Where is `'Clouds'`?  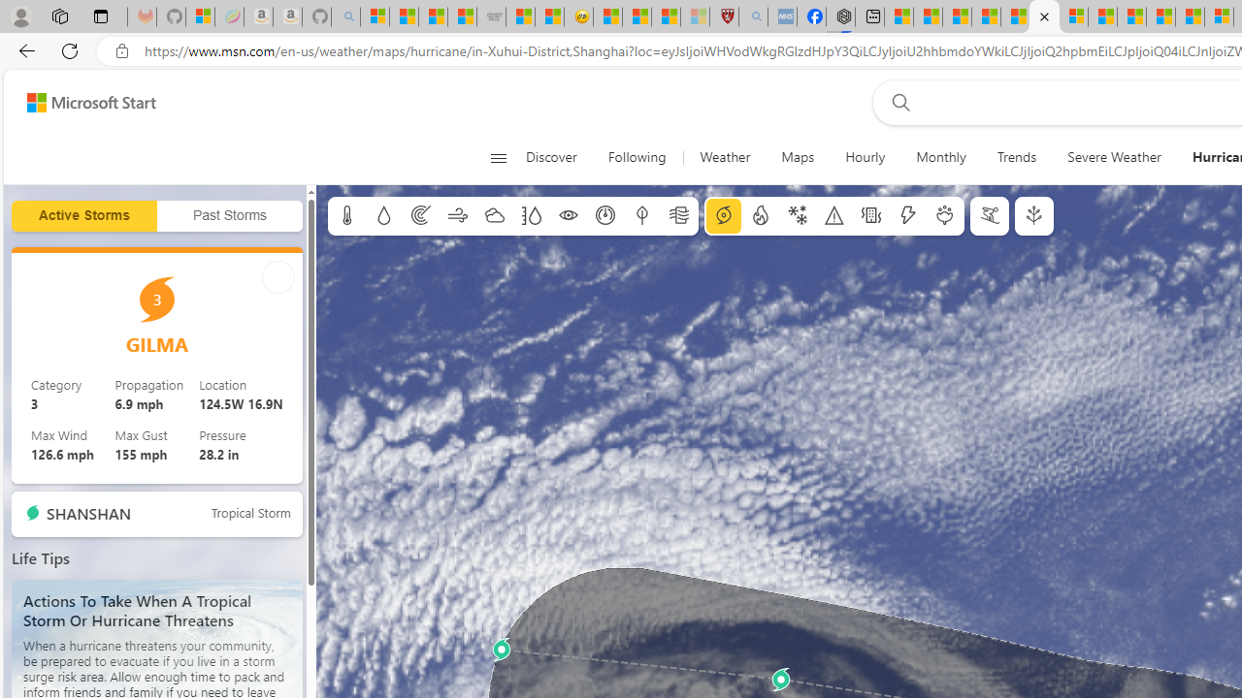 'Clouds' is located at coordinates (494, 216).